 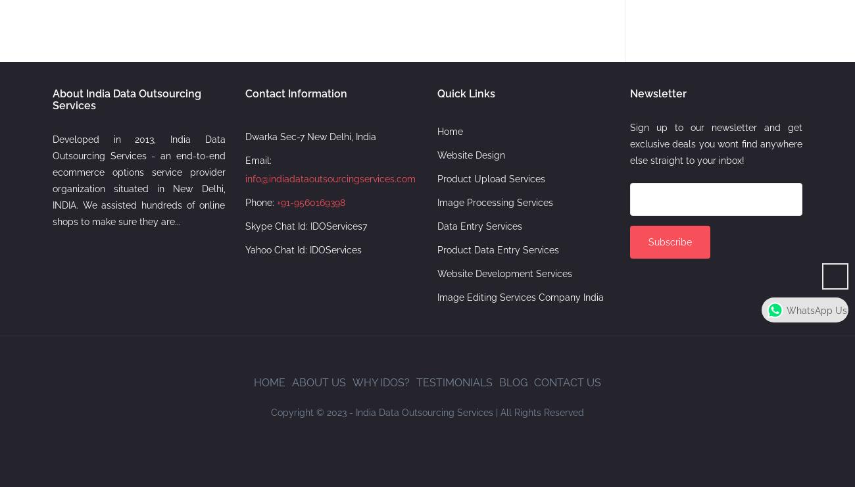 What do you see at coordinates (491, 177) in the screenshot?
I see `'Product Upload Services'` at bounding box center [491, 177].